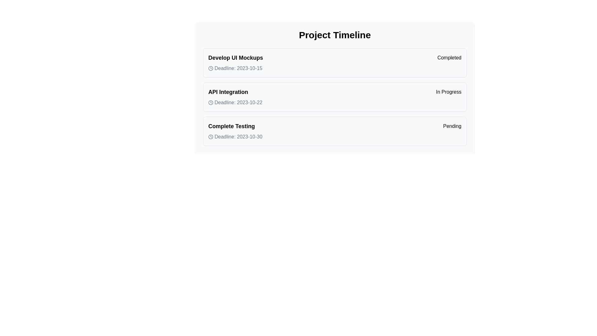 The width and height of the screenshot is (597, 336). I want to click on the second item in the project timeline list titled 'API Integration', which displays the deadline and status 'In Progress', so click(334, 84).